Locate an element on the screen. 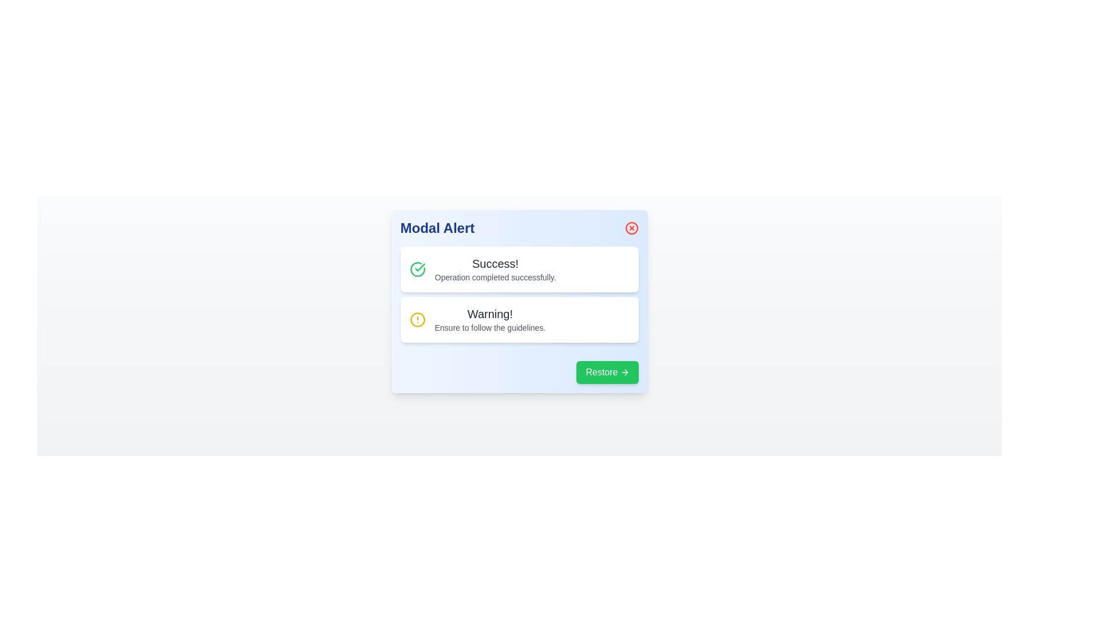 This screenshot has height=618, width=1099. the circular icon with a yellow border and white fill, part of a warning icon, located to the left of the text 'Warning! Ensure to follow the guidelines.' in the modal alert interface is located at coordinates (417, 320).